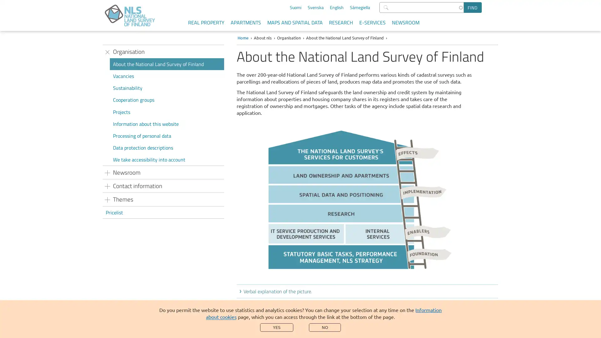 Image resolution: width=601 pixels, height=338 pixels. What do you see at coordinates (473, 7) in the screenshot?
I see `Find` at bounding box center [473, 7].